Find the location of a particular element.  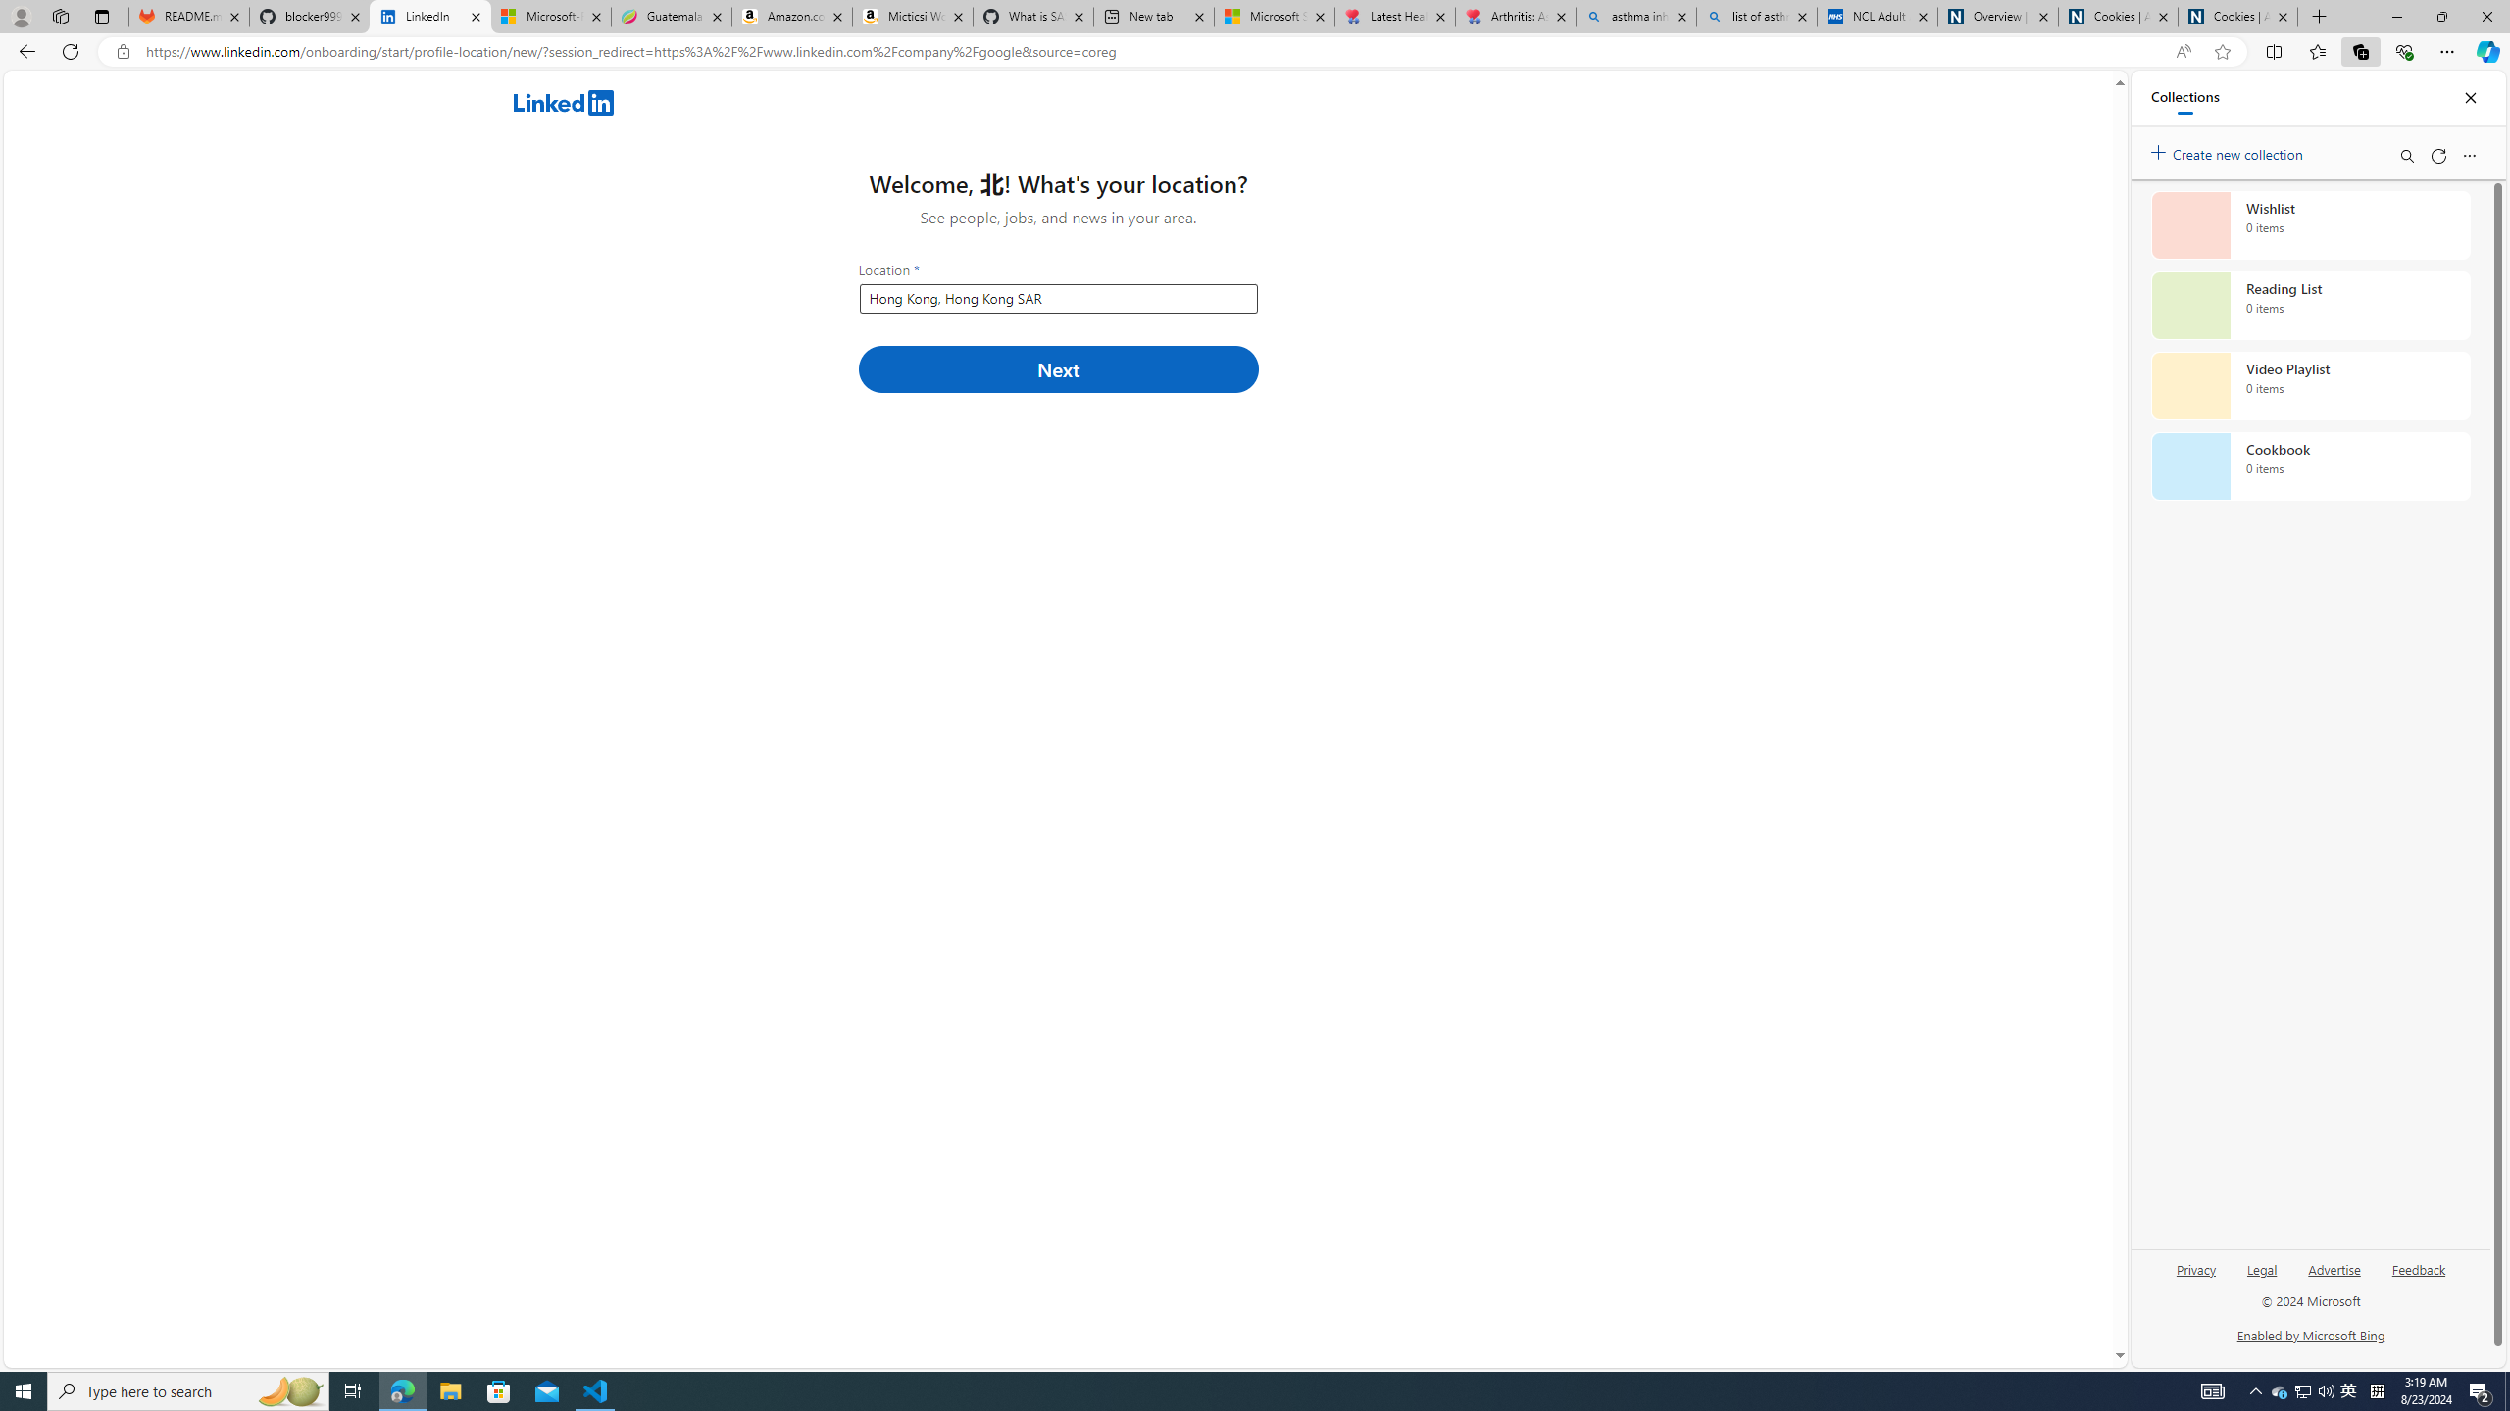

'Create new collection' is located at coordinates (2230, 150).